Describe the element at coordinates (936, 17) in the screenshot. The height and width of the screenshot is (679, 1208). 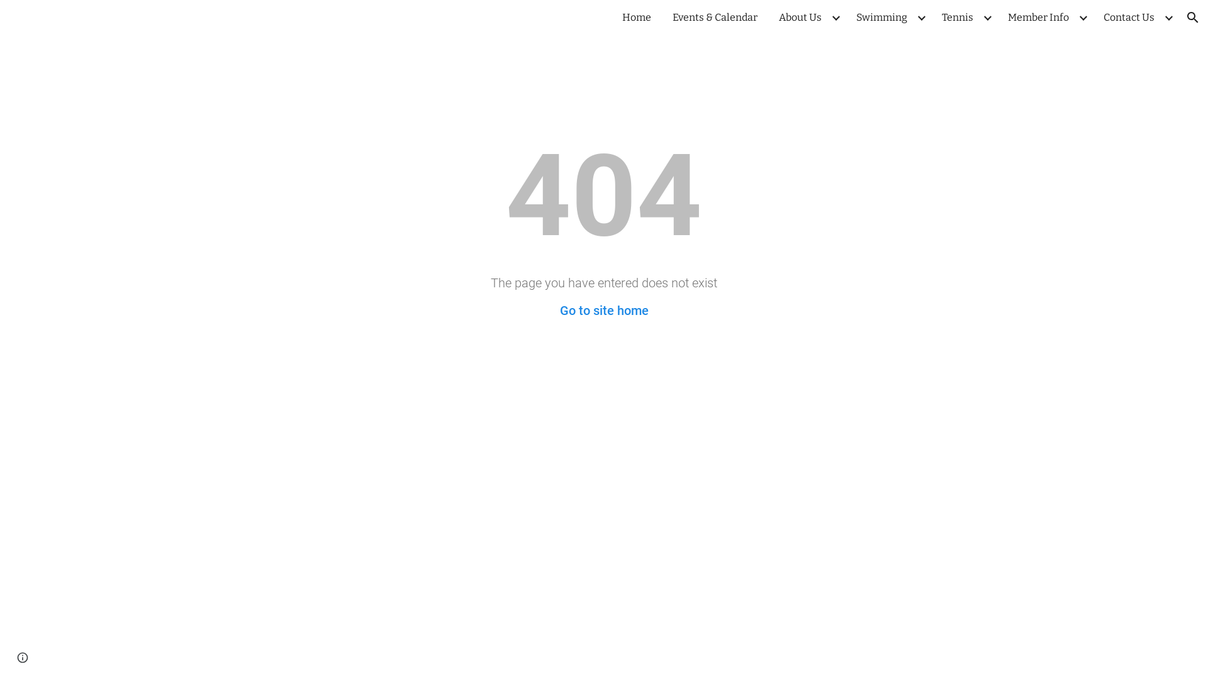
I see `'Tennis'` at that location.